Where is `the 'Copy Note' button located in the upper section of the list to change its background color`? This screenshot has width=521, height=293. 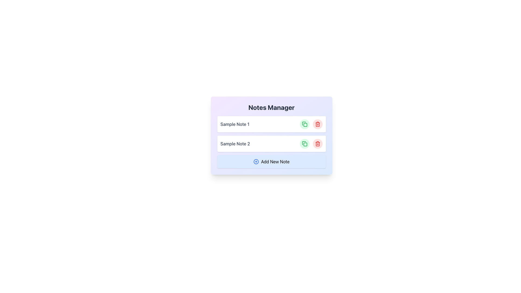 the 'Copy Note' button located in the upper section of the list to change its background color is located at coordinates (304, 124).